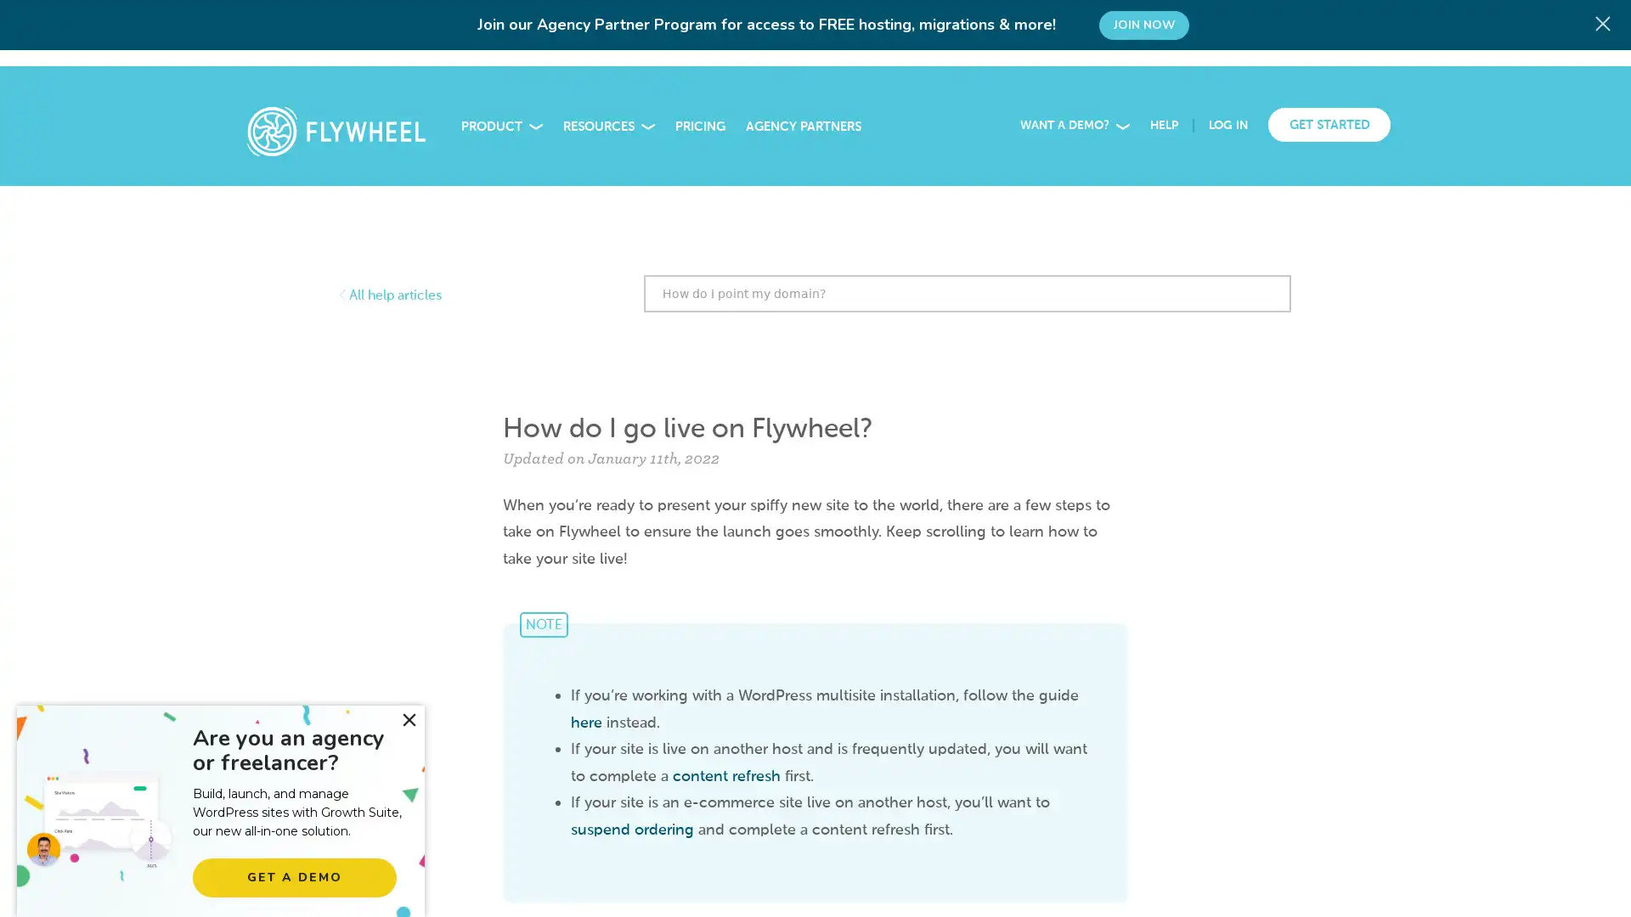 Image resolution: width=1631 pixels, height=917 pixels. I want to click on JOIN NOW, so click(1143, 25).